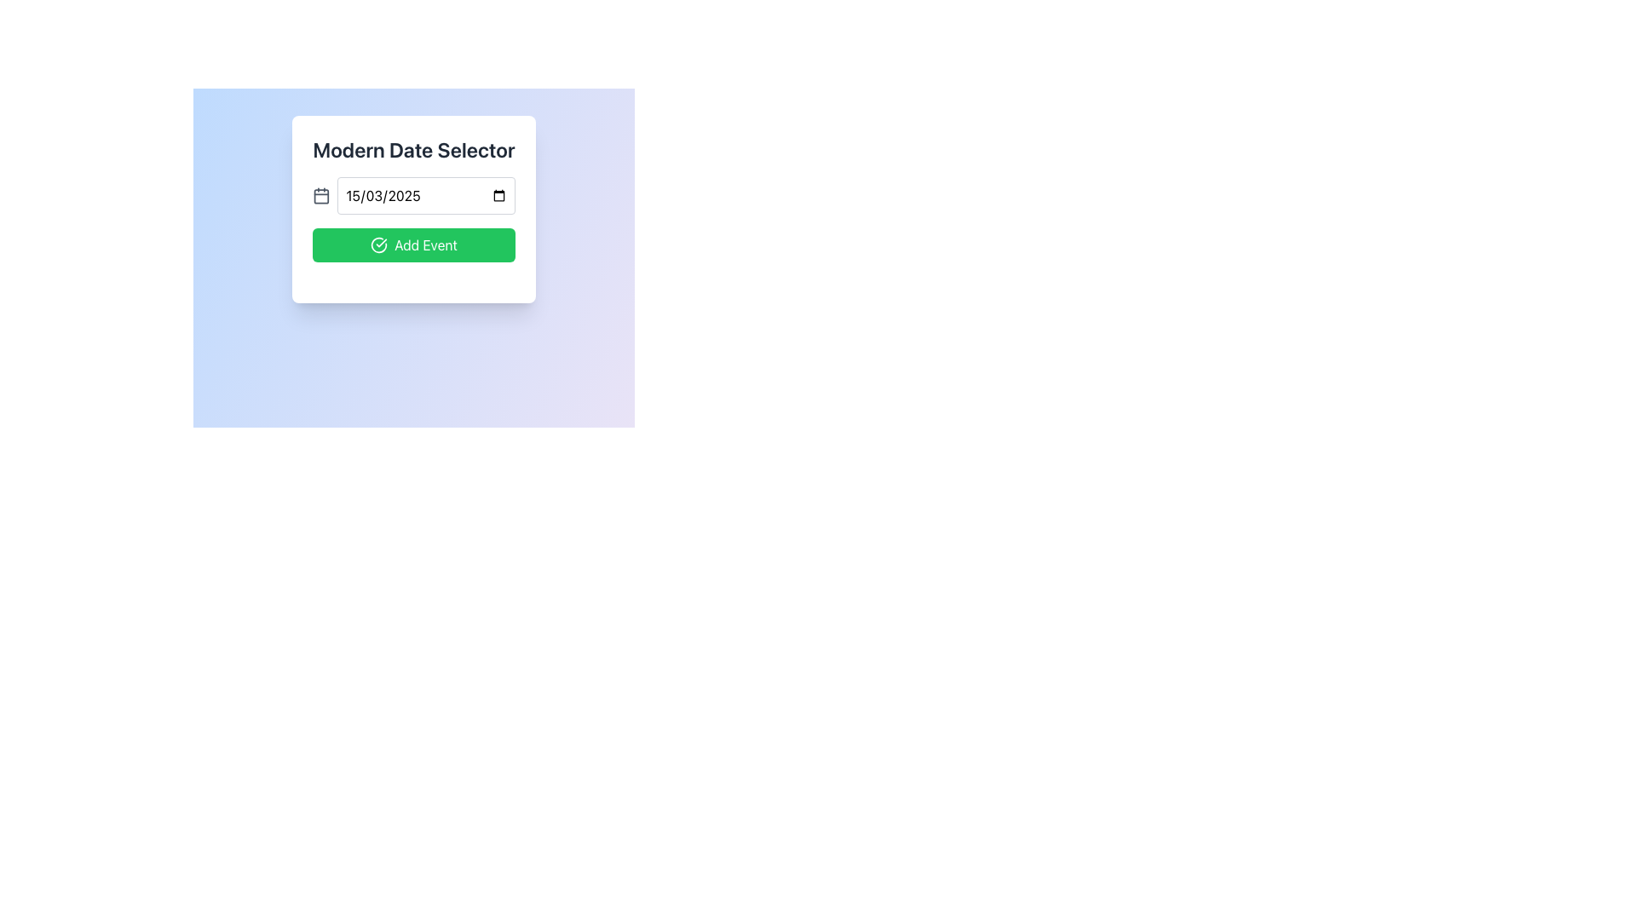 This screenshot has width=1636, height=920. What do you see at coordinates (378, 245) in the screenshot?
I see `the confirmation icon within the green 'Add Event' button located at the bottom center of the card, positioned below the date input field` at bounding box center [378, 245].